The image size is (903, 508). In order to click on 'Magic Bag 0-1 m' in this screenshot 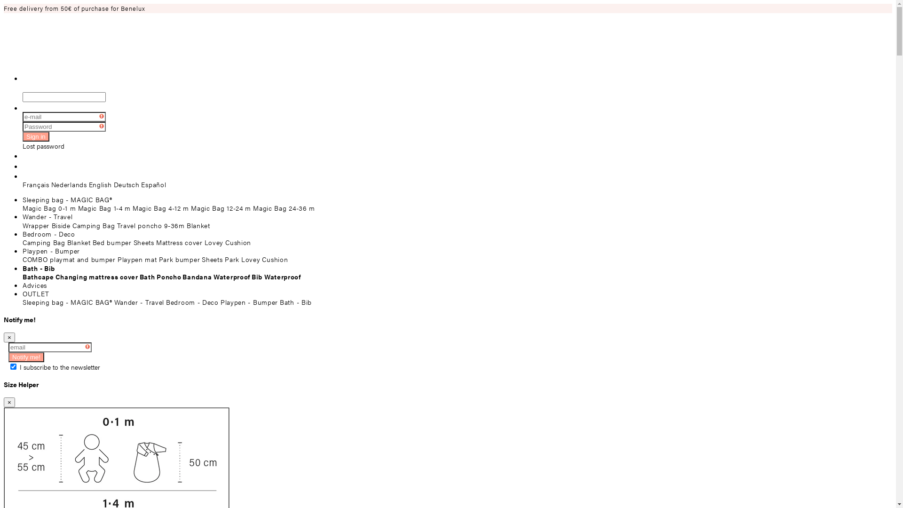, I will do `click(49, 207)`.